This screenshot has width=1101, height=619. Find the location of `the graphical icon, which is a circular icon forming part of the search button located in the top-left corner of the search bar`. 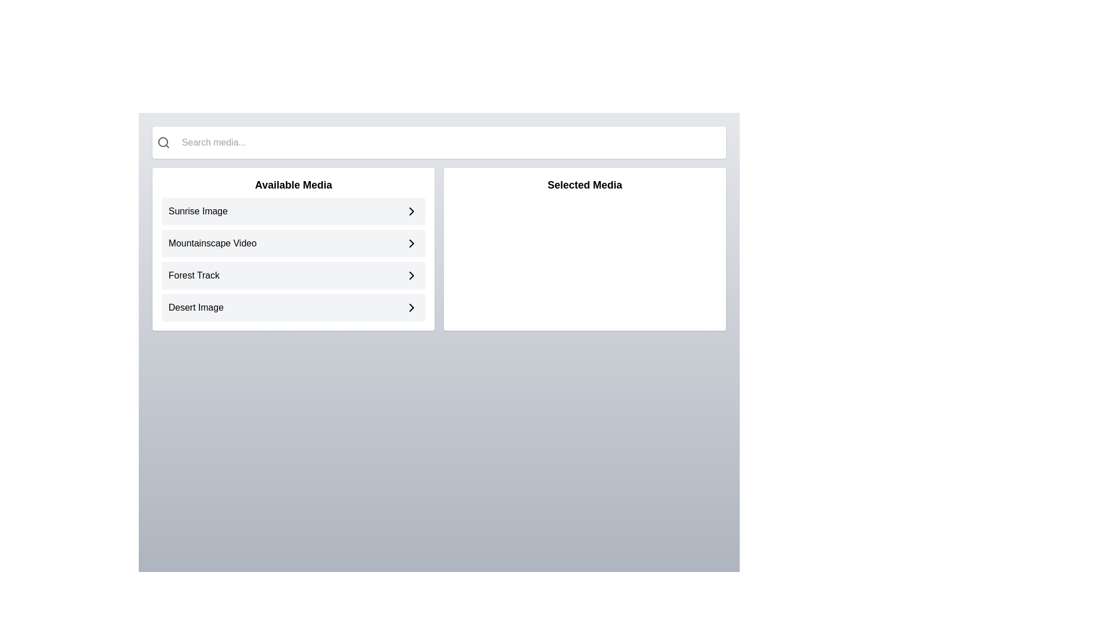

the graphical icon, which is a circular icon forming part of the search button located in the top-left corner of the search bar is located at coordinates (162, 142).